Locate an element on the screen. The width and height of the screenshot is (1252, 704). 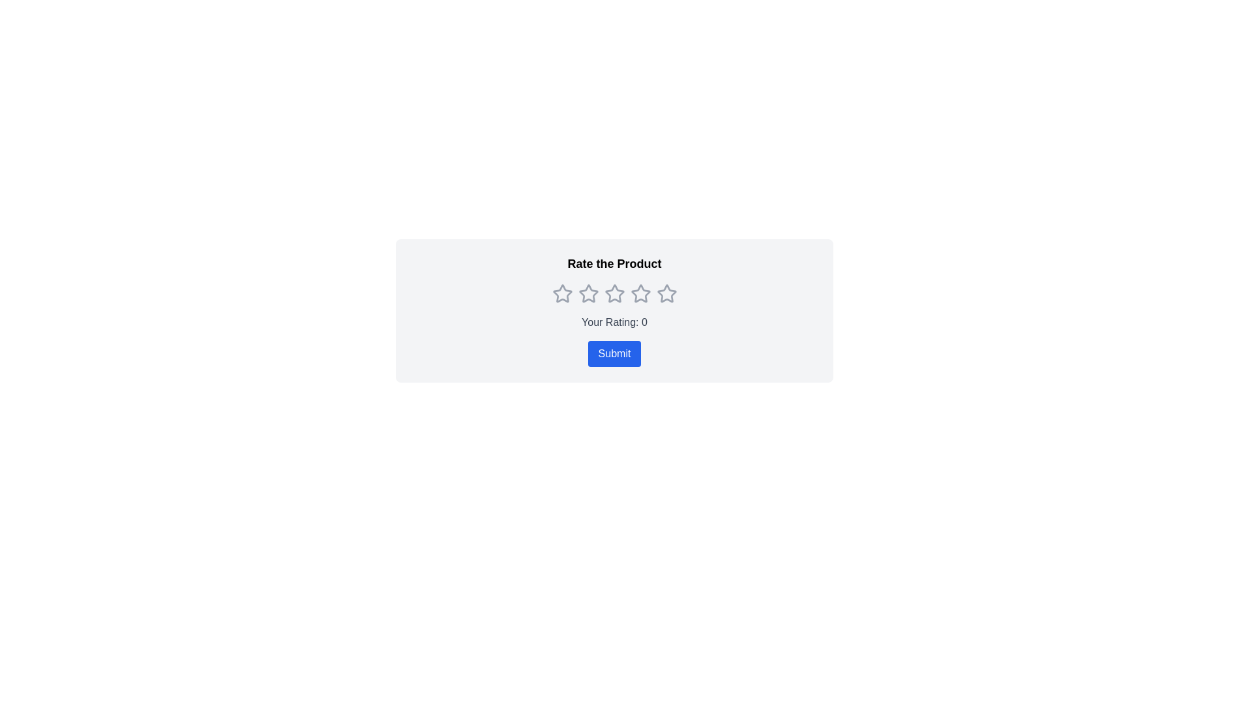
a star in the interactive rating component to provide a rating for the product is located at coordinates (614, 311).